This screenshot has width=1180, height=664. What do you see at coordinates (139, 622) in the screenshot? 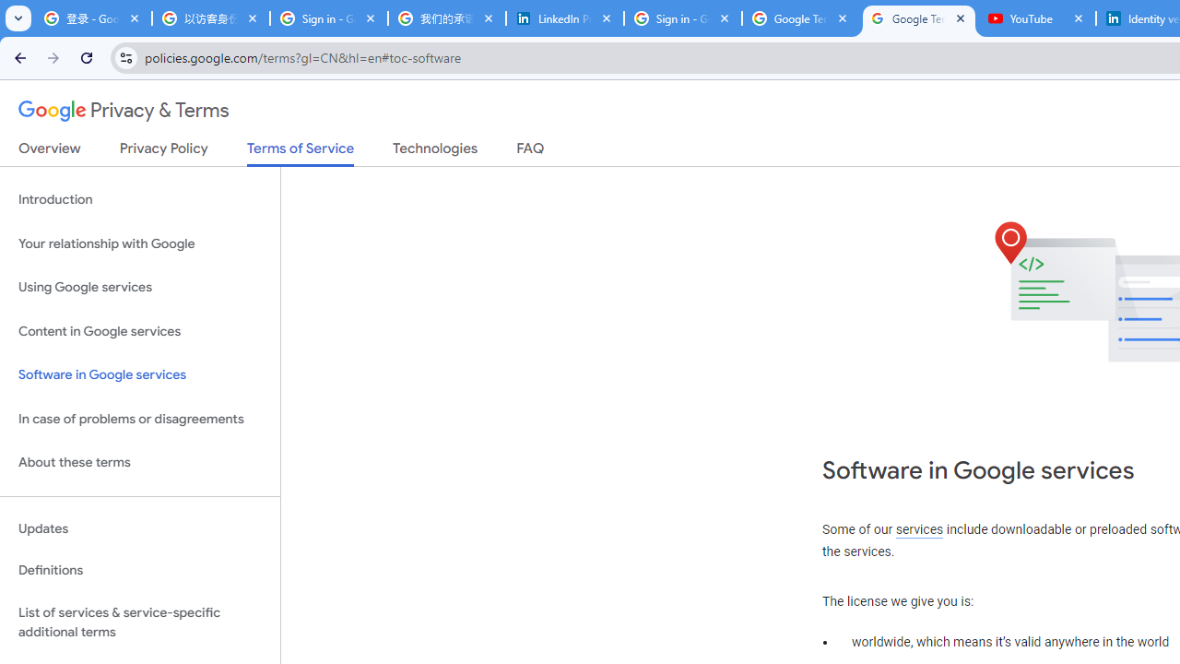
I see `'List of services & service-specific additional terms'` at bounding box center [139, 622].